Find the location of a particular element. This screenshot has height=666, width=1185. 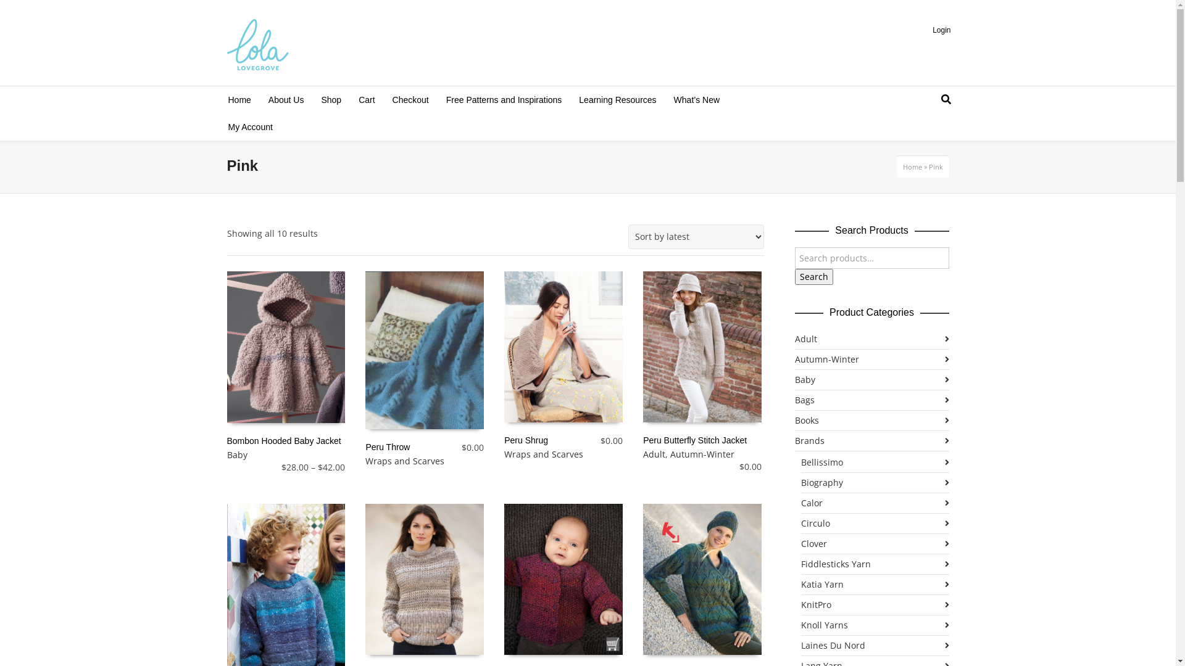

'About Us' is located at coordinates (286, 99).